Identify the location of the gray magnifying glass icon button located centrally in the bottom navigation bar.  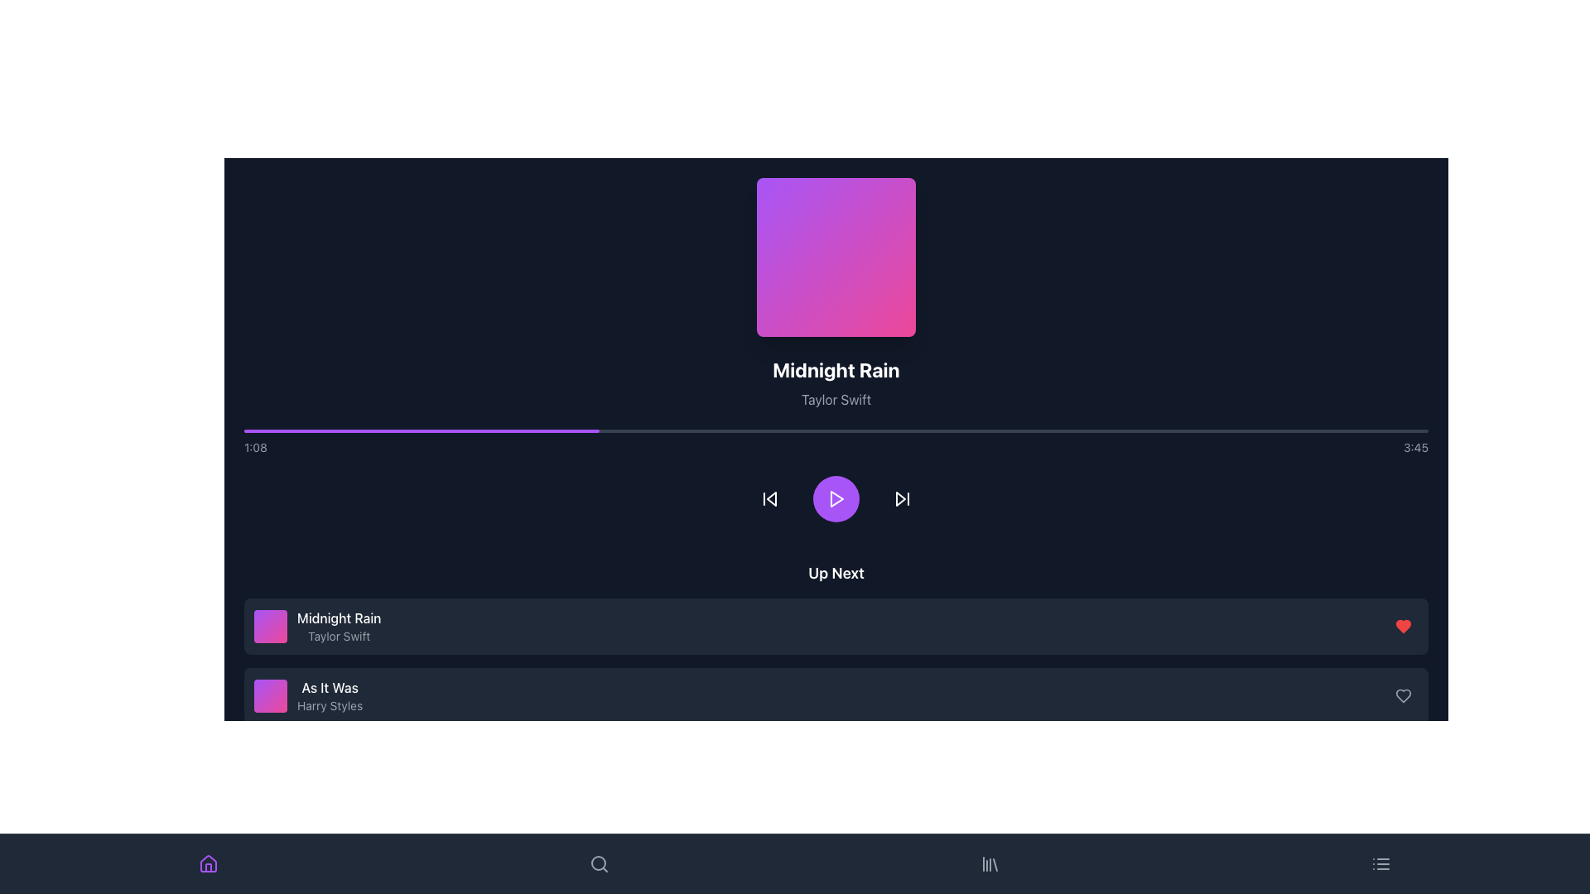
(599, 863).